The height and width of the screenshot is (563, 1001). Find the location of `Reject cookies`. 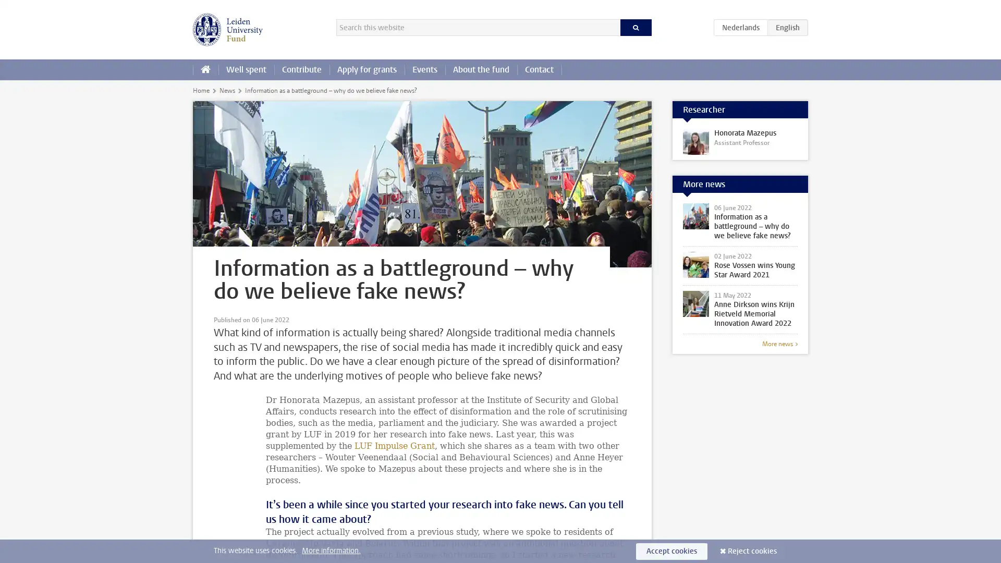

Reject cookies is located at coordinates (752, 550).